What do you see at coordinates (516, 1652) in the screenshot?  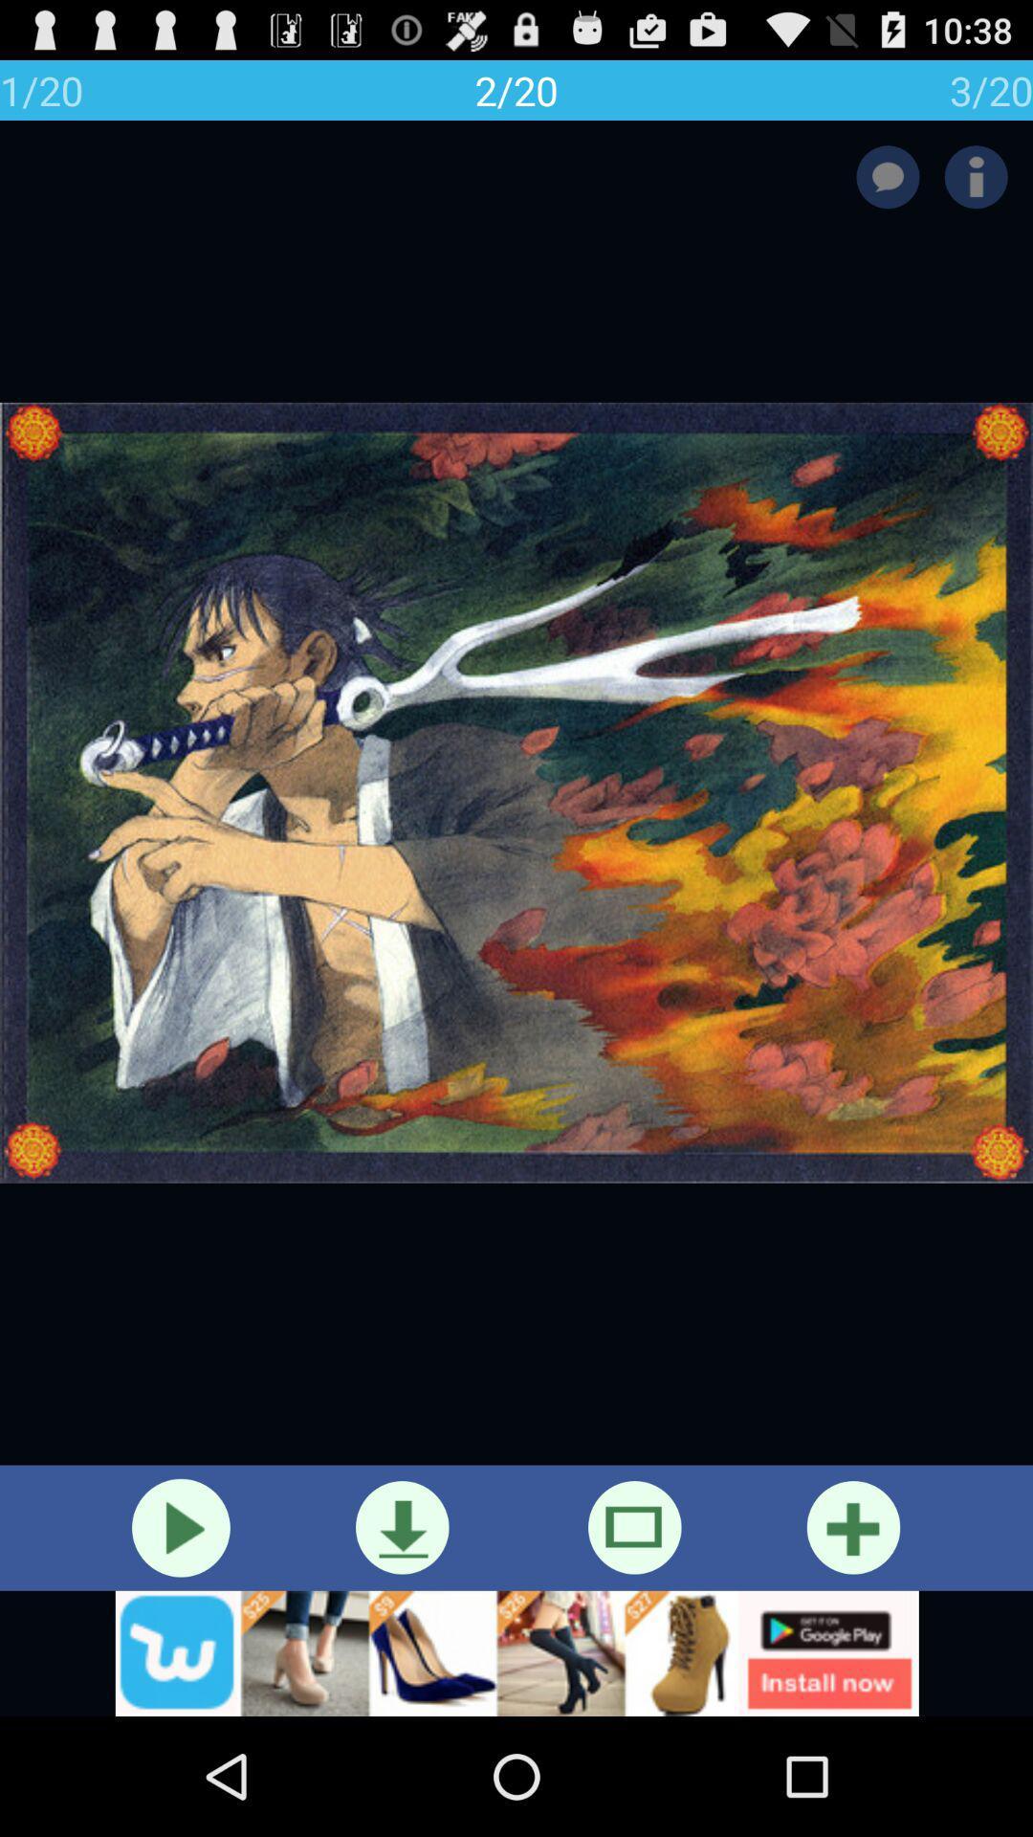 I see `open advertisement` at bounding box center [516, 1652].